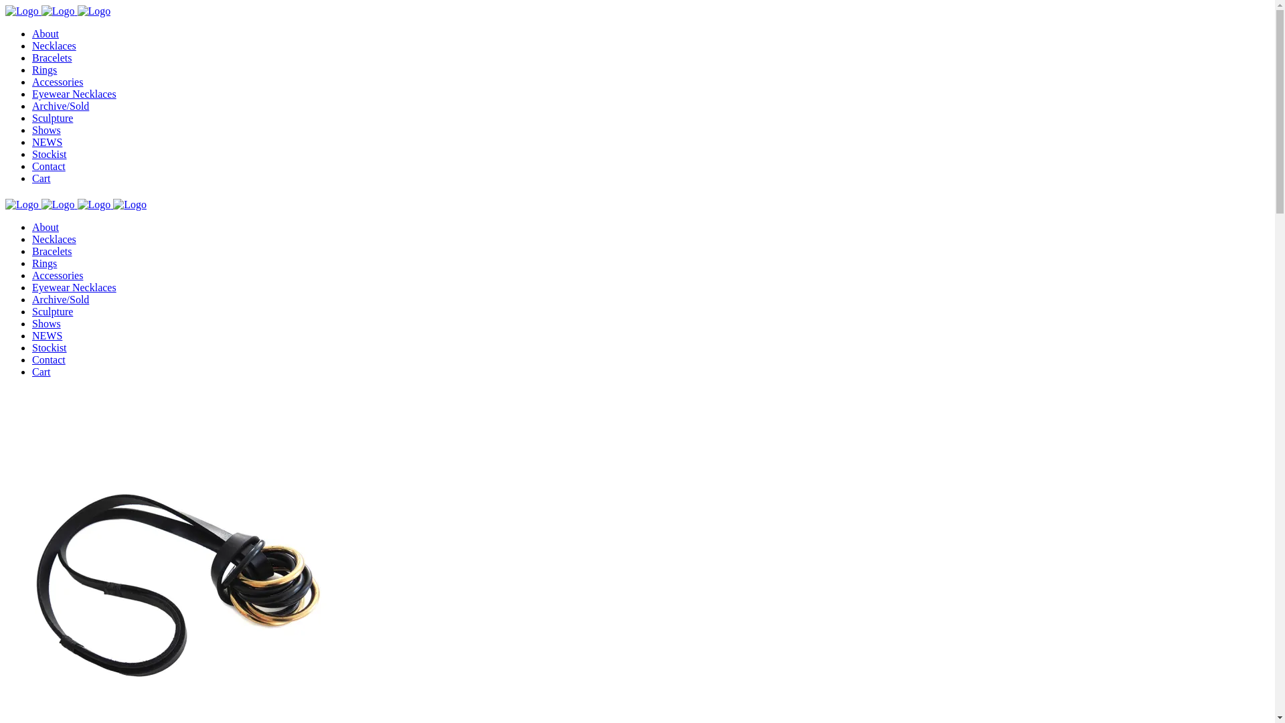  I want to click on 'Accessories', so click(57, 82).